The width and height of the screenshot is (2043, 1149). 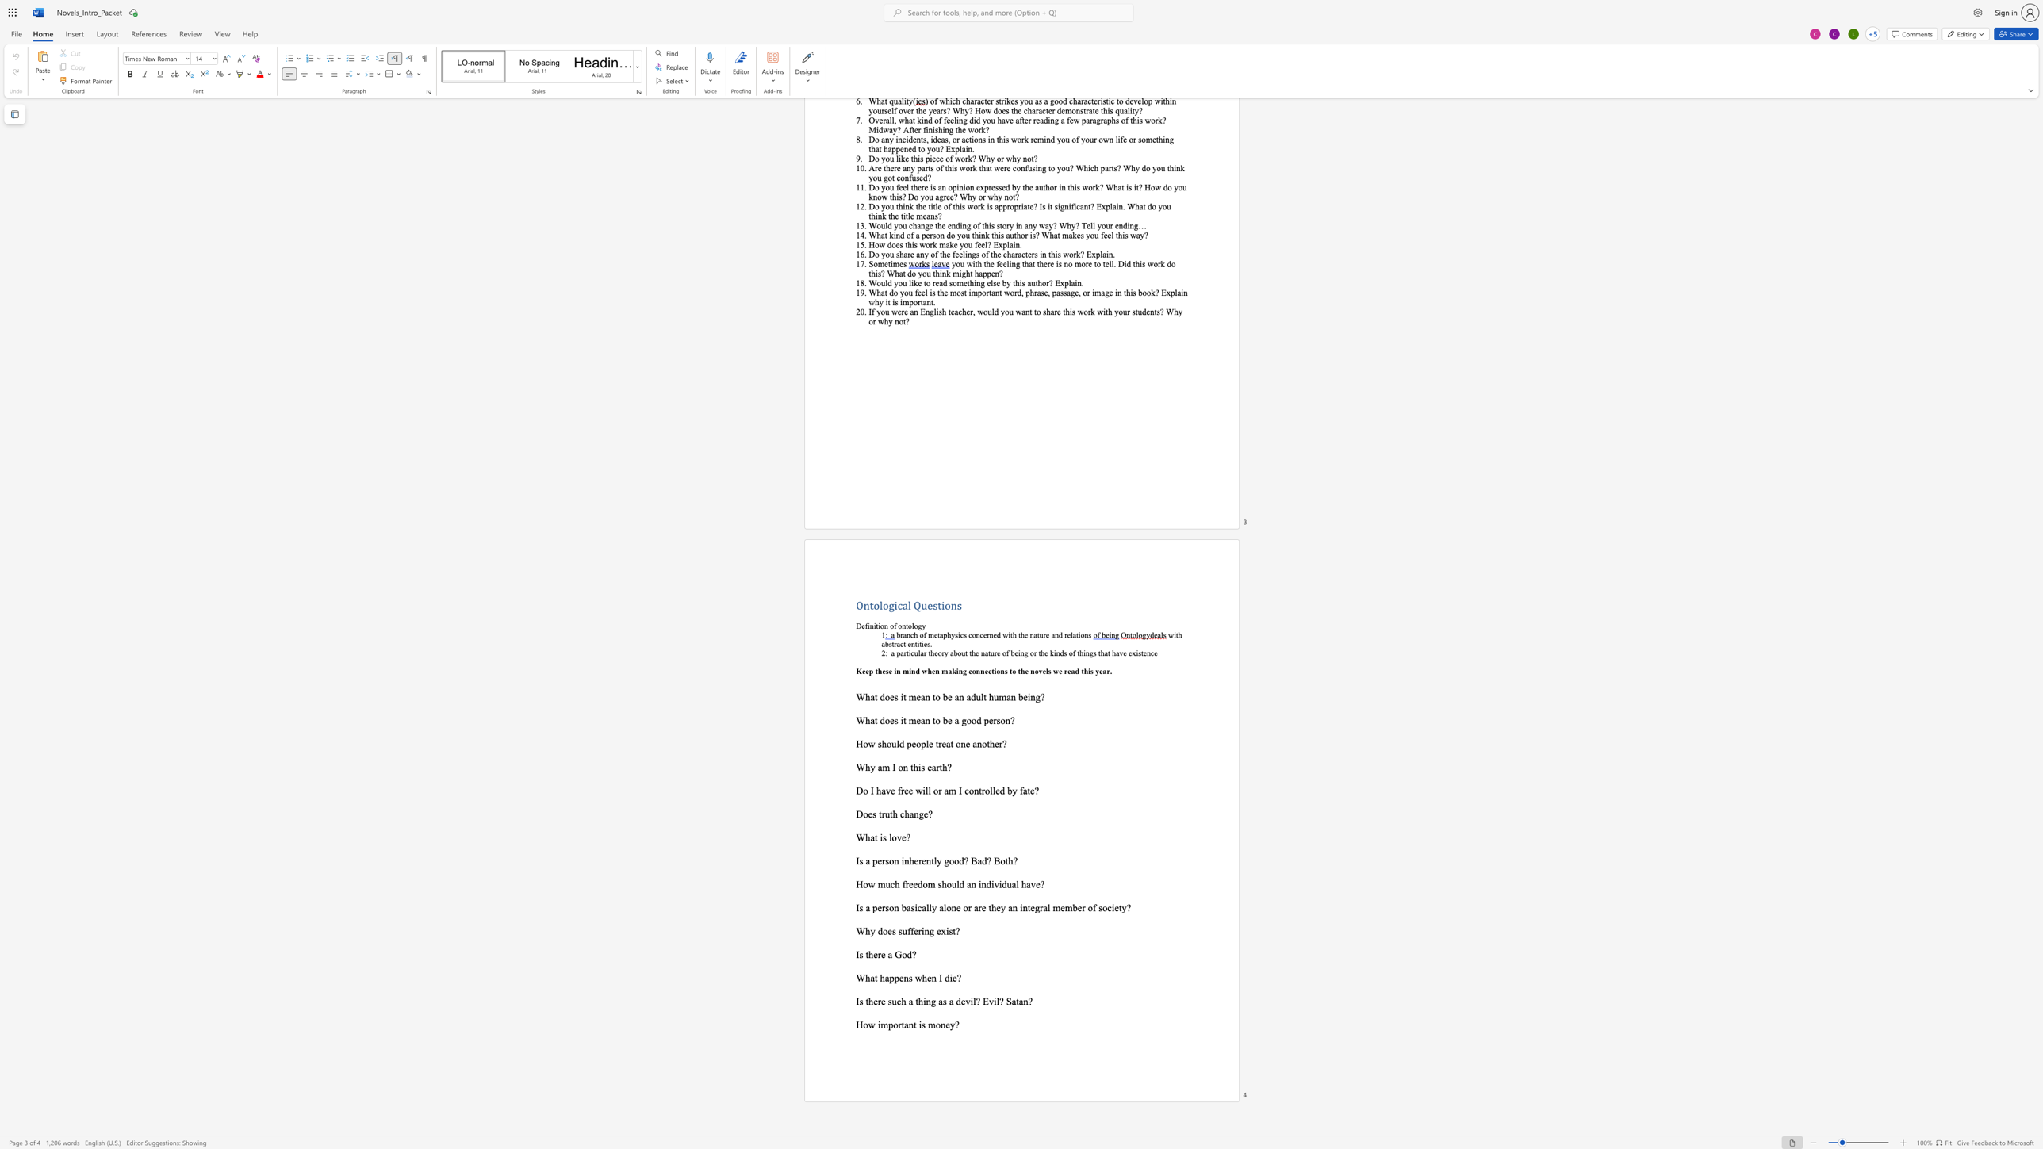 What do you see at coordinates (935, 860) in the screenshot?
I see `the 1th character "l" in the text` at bounding box center [935, 860].